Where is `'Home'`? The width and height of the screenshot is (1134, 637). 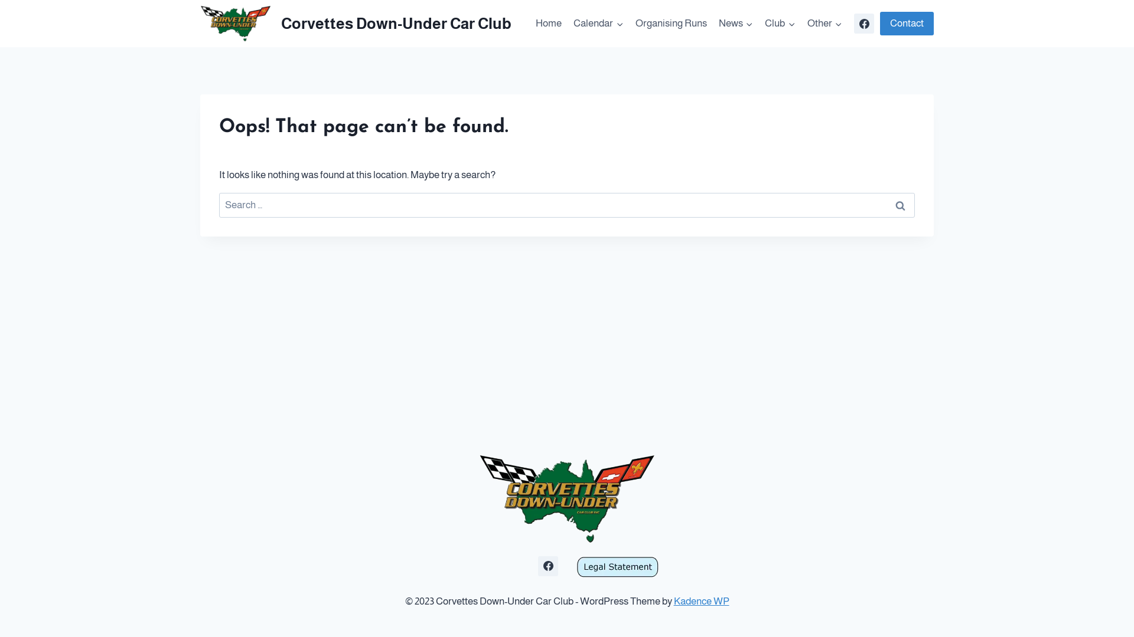 'Home' is located at coordinates (529, 23).